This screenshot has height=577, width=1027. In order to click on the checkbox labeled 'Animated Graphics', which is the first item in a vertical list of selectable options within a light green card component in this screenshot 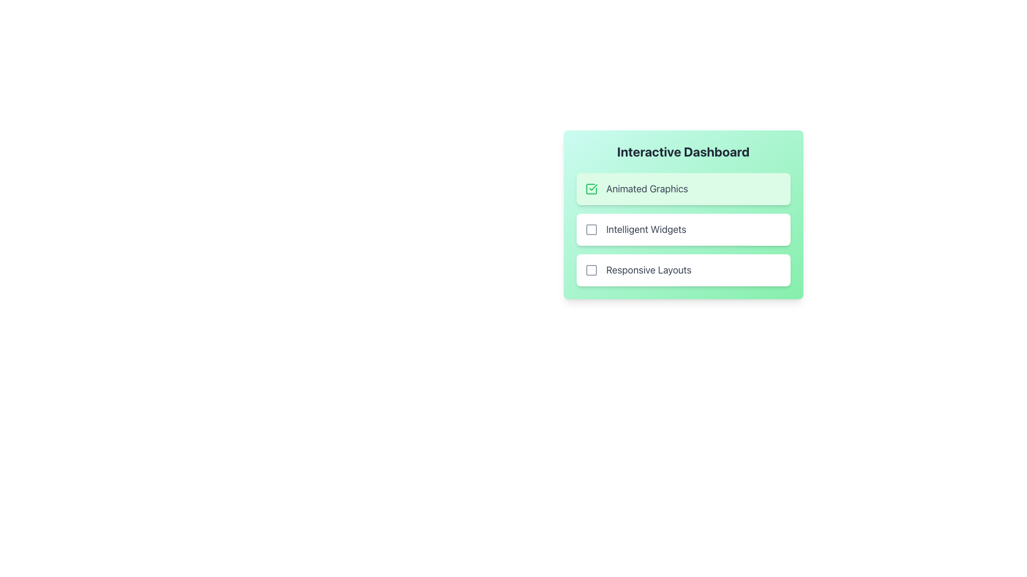, I will do `click(637, 189)`.